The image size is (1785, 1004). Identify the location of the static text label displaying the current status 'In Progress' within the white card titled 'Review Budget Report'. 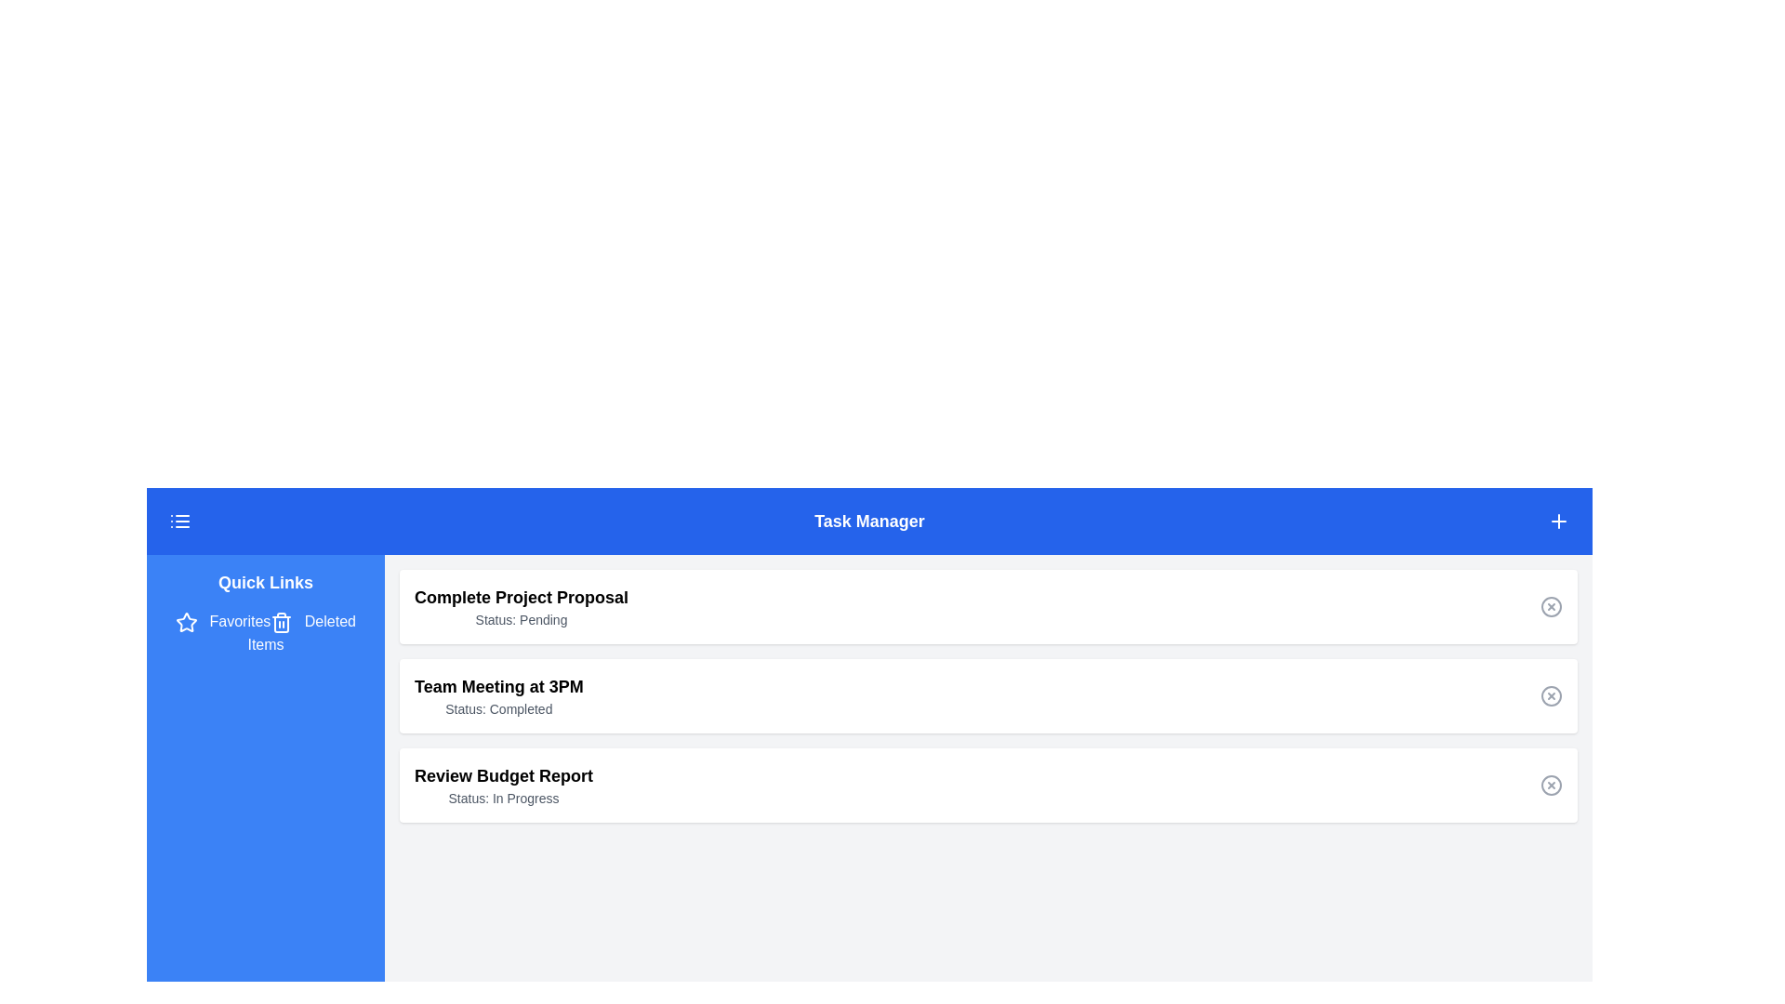
(504, 798).